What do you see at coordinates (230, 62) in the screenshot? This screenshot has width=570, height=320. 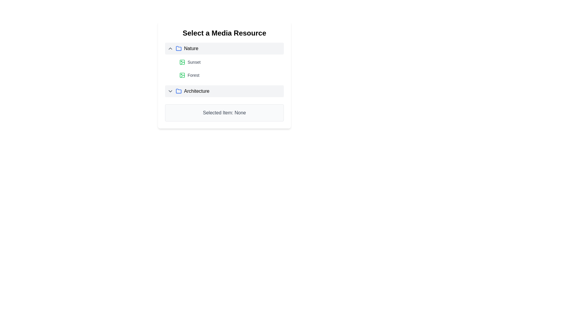 I see `the first selectable option within the 'Nature' section of the menu to navigate through the options` at bounding box center [230, 62].